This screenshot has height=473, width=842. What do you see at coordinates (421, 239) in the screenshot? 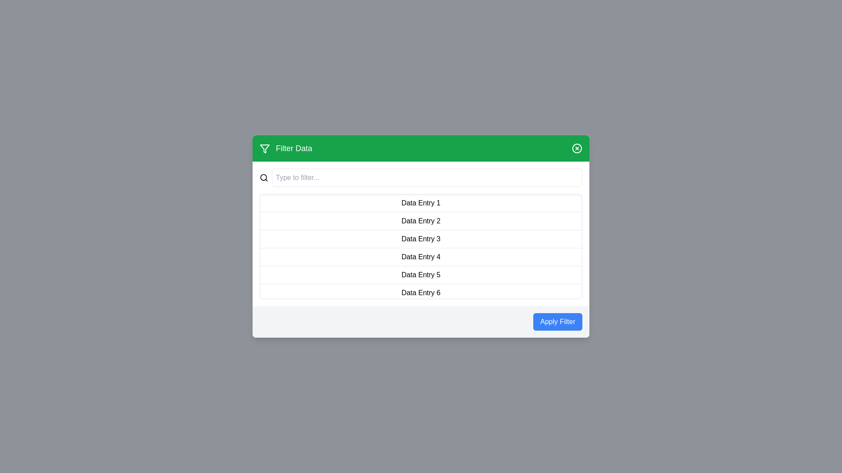
I see `the item Data Entry 3 from the filtered data list` at bounding box center [421, 239].